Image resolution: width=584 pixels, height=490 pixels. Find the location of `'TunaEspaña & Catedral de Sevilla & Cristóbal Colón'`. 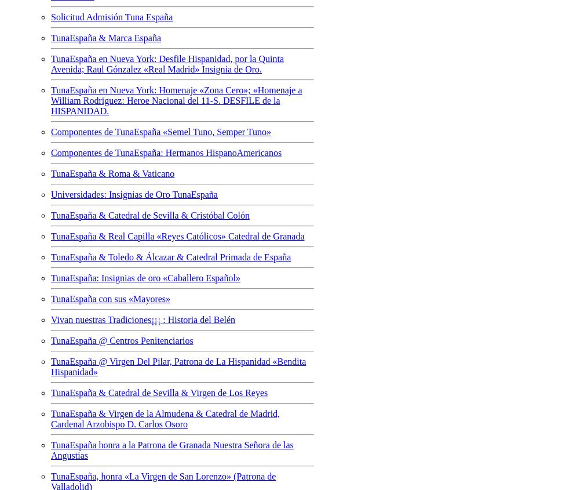

'TunaEspaña & Catedral de Sevilla & Cristóbal Colón' is located at coordinates (149, 214).